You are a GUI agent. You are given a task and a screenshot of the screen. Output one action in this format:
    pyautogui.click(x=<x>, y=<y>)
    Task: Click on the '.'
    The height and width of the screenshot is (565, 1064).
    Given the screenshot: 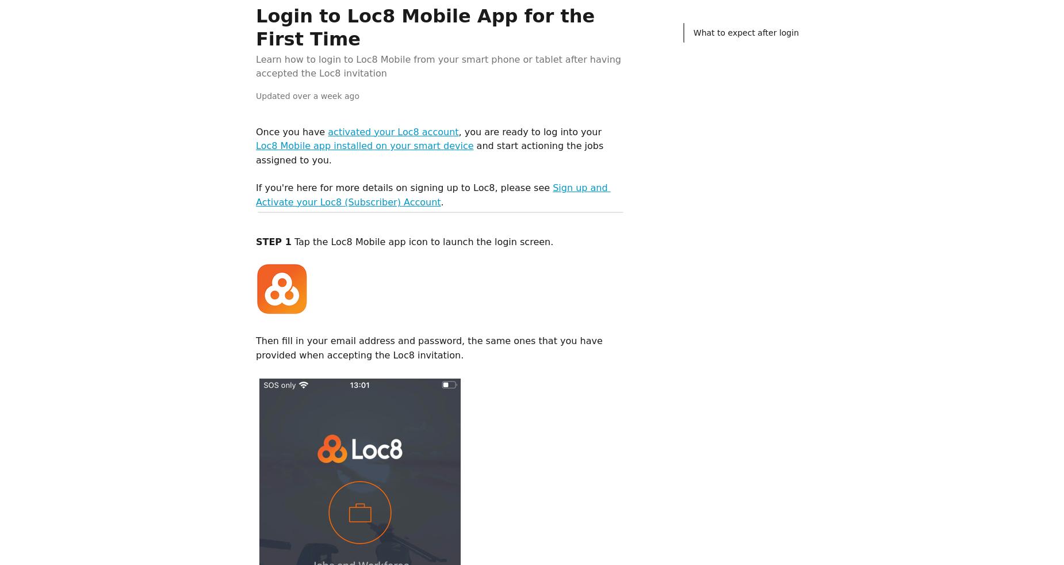 What is the action you would take?
    pyautogui.click(x=442, y=201)
    